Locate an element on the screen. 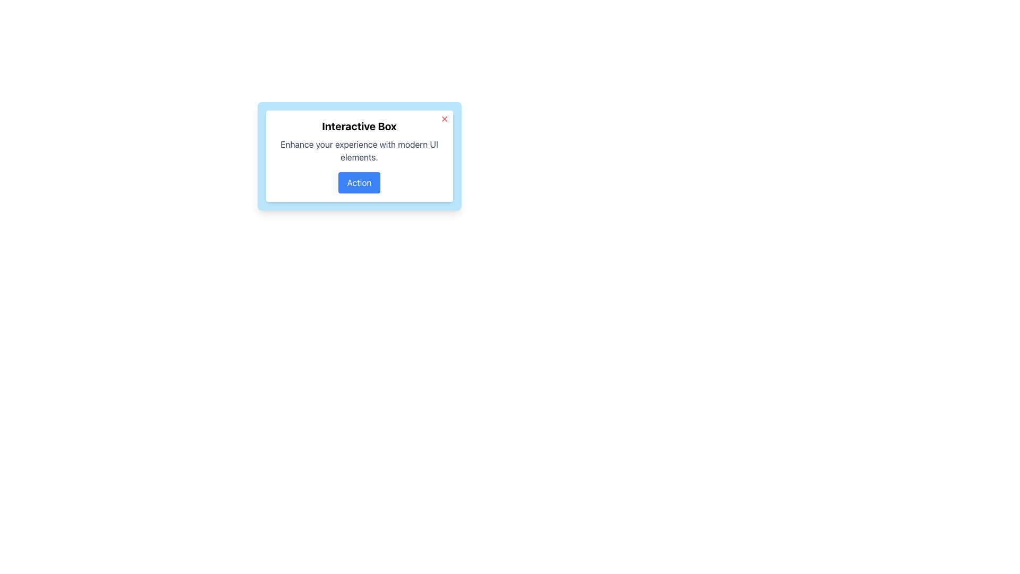 This screenshot has height=574, width=1020. the close button located at the top-right corner of the 'Interactive Box' card is located at coordinates (444, 119).